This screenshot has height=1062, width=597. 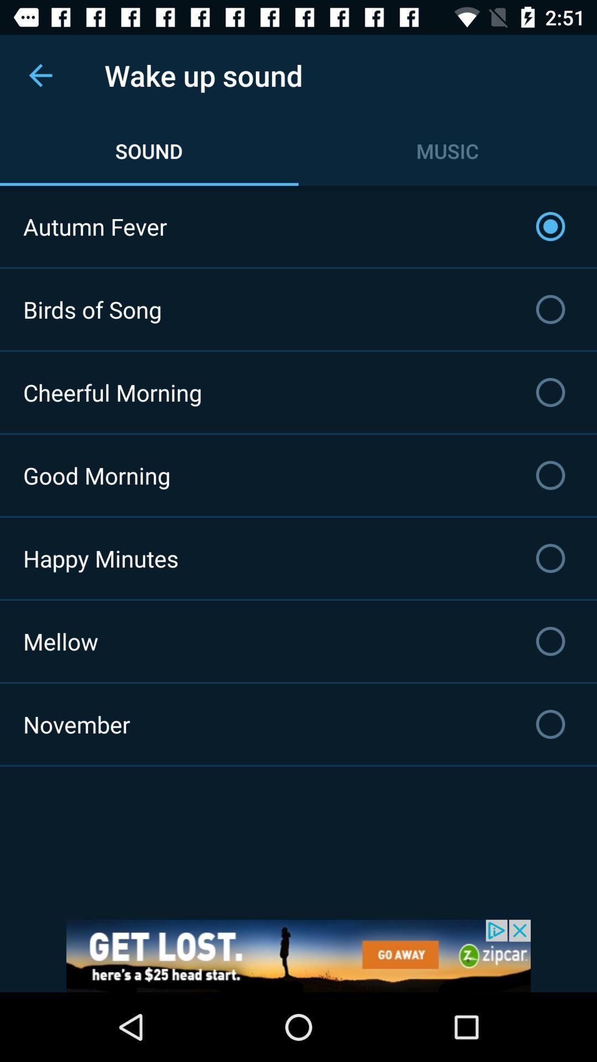 I want to click on click advertisement, so click(x=298, y=955).